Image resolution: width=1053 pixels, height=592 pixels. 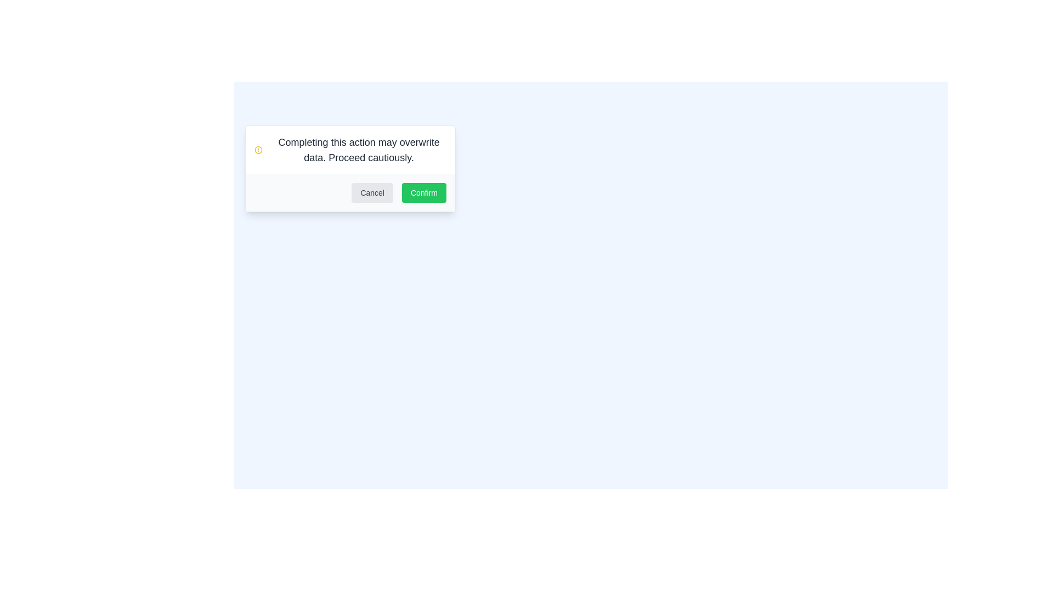 I want to click on the 'Confirm' button with a green background located in the bottom-right corner of the modal dialog box to confirm the action, so click(x=423, y=192).